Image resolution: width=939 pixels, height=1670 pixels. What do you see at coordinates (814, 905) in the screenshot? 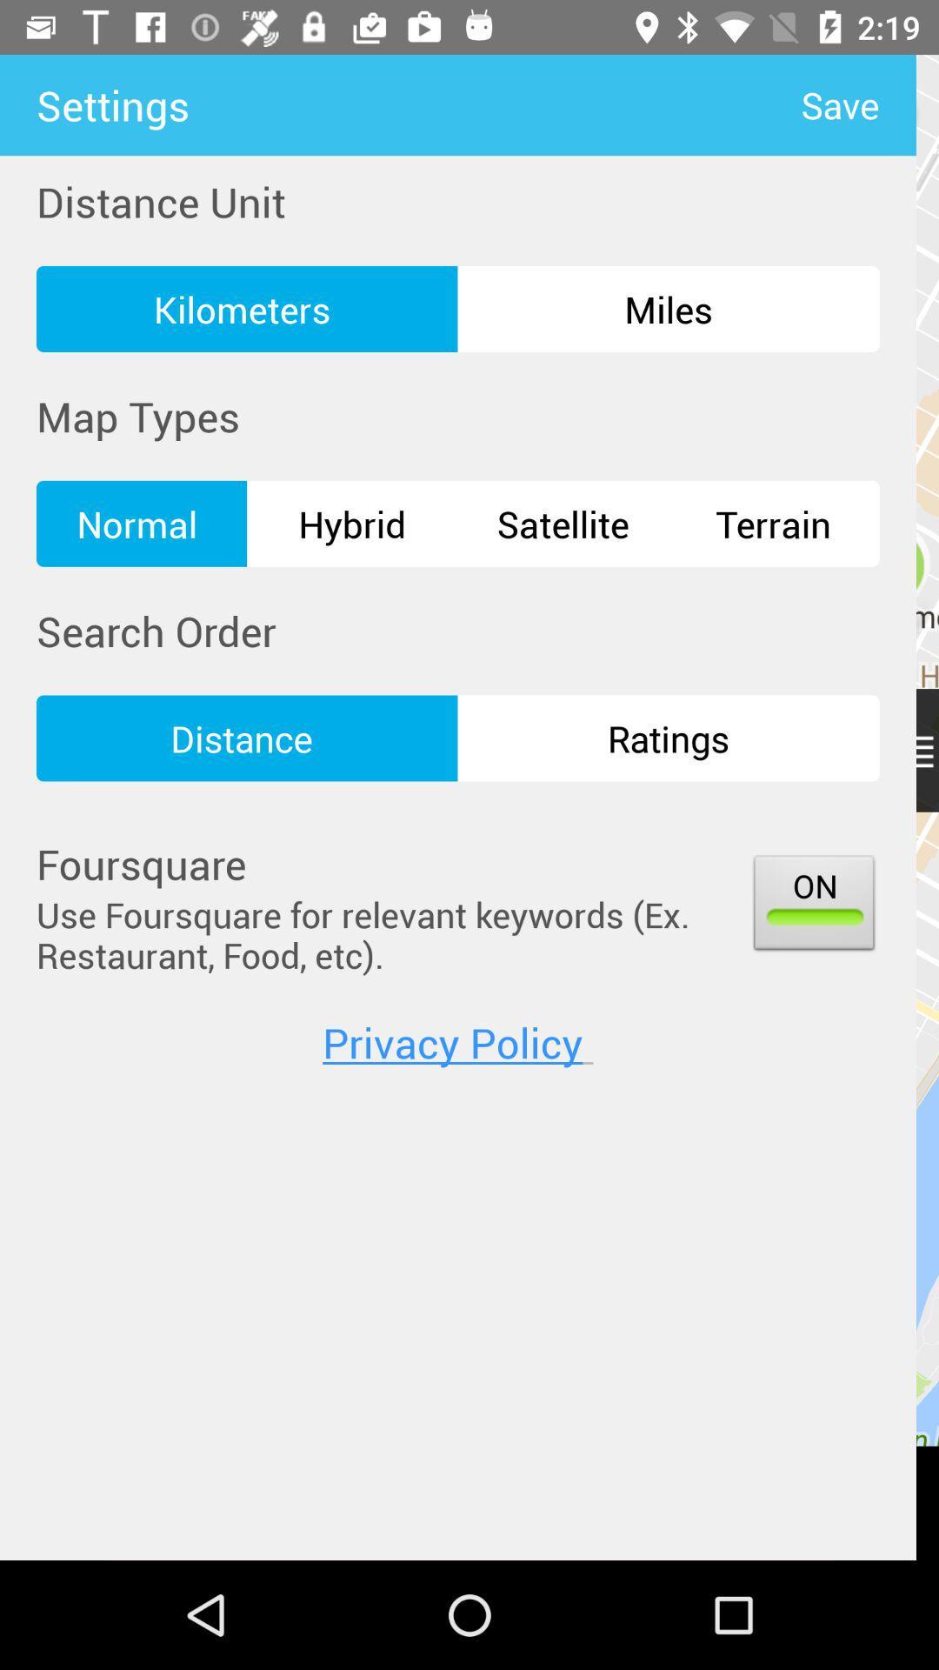
I see `the item next to the use foursquare for item` at bounding box center [814, 905].